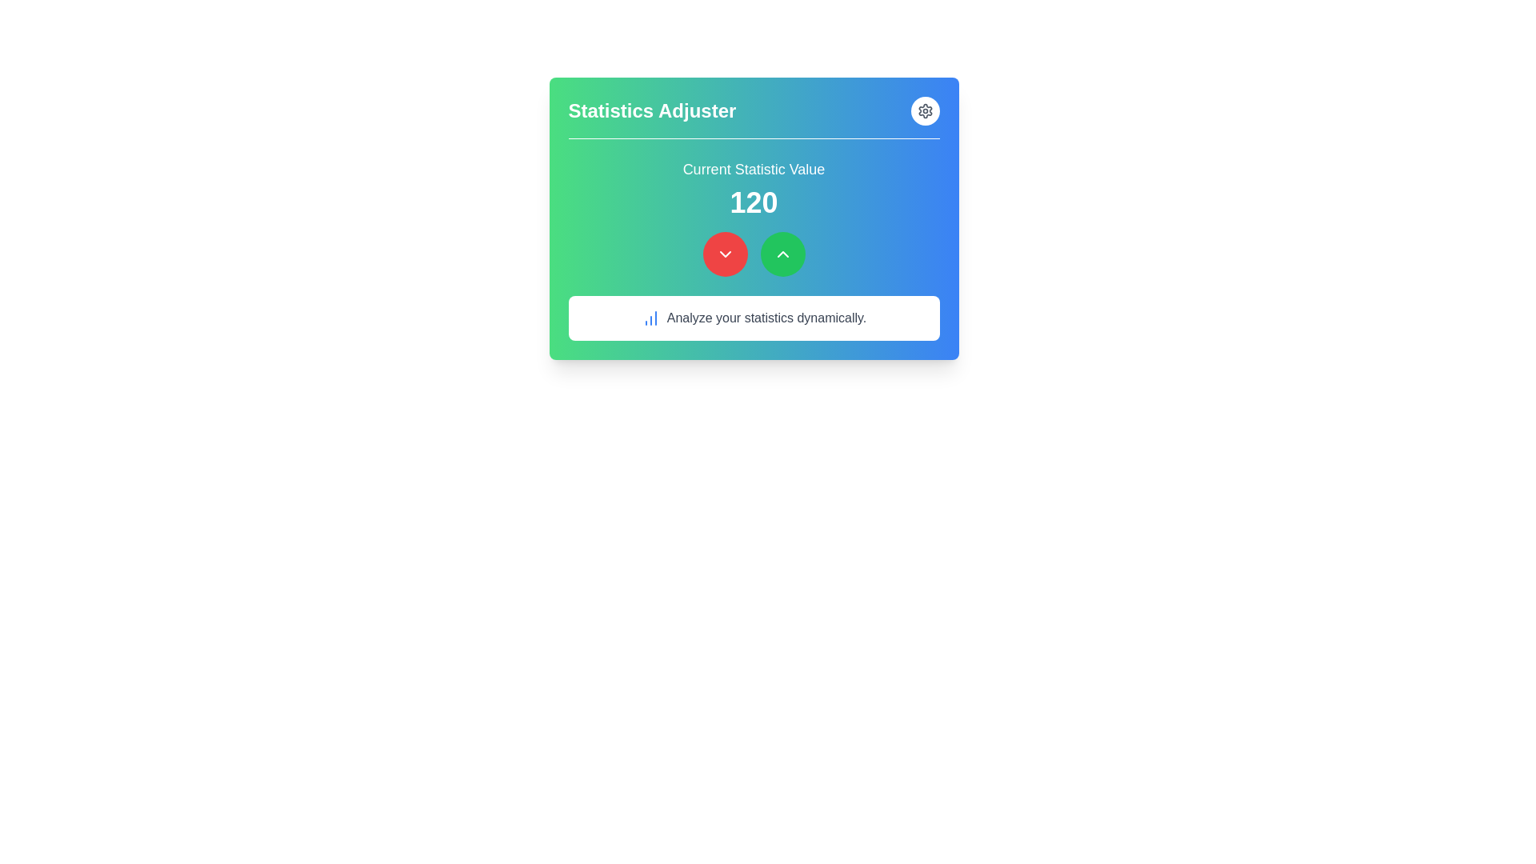 This screenshot has width=1536, height=864. I want to click on the downward-pointing chevron icon styled with thin lines and a rounded design, located inside a circular red button below the numeric display of '120', for navigation support, so click(724, 253).